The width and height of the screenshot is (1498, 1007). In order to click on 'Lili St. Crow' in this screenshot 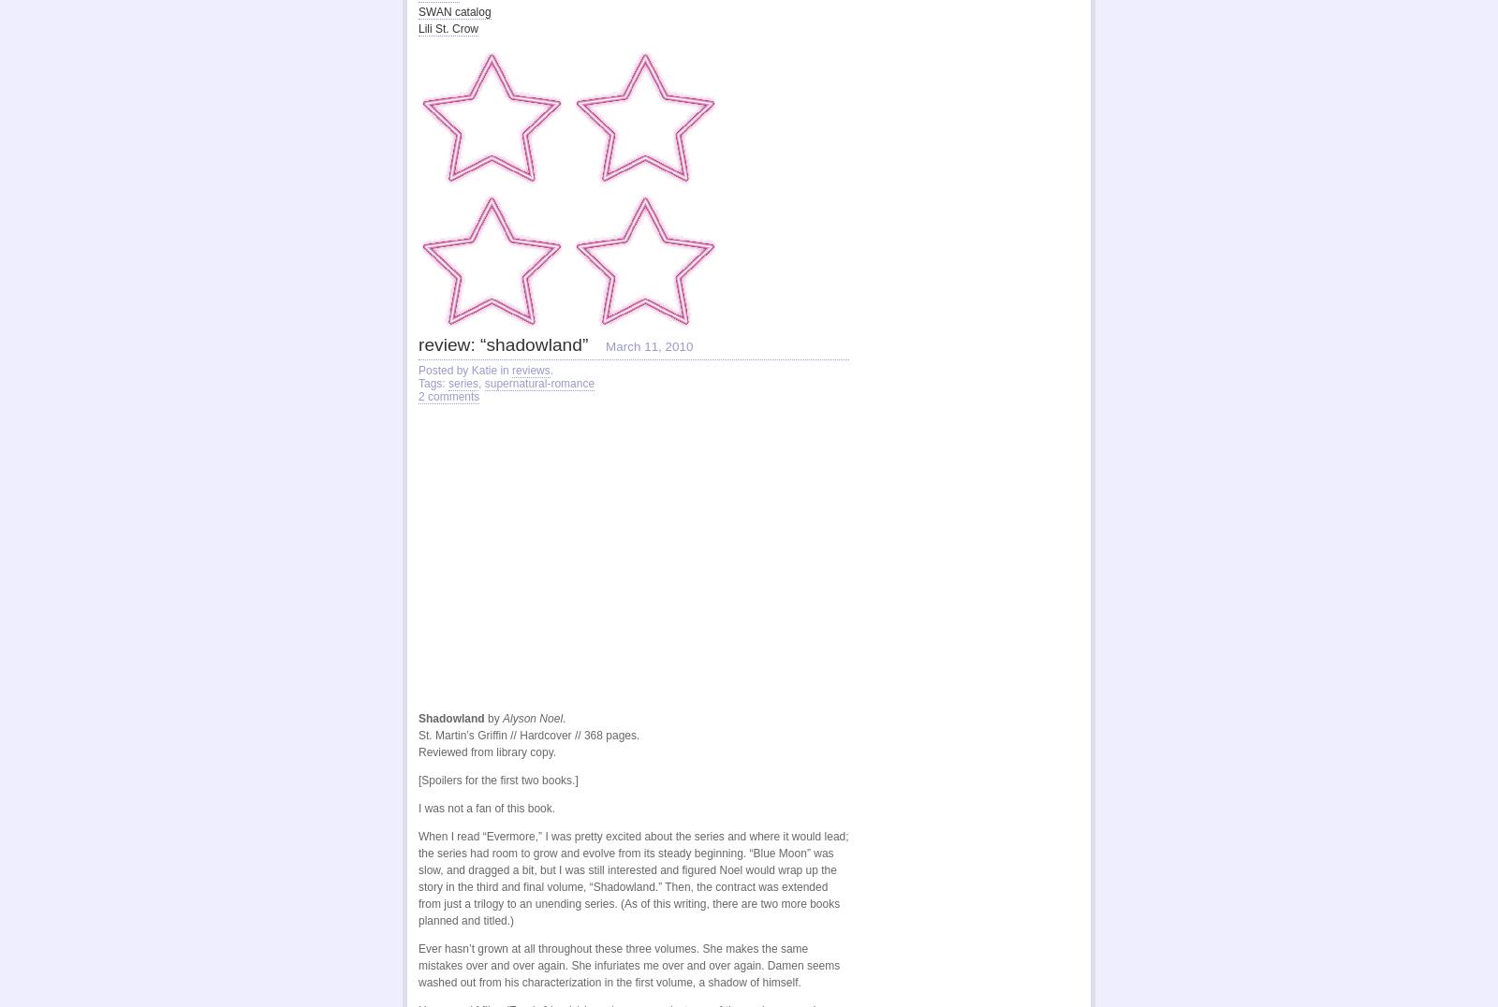, I will do `click(448, 27)`.